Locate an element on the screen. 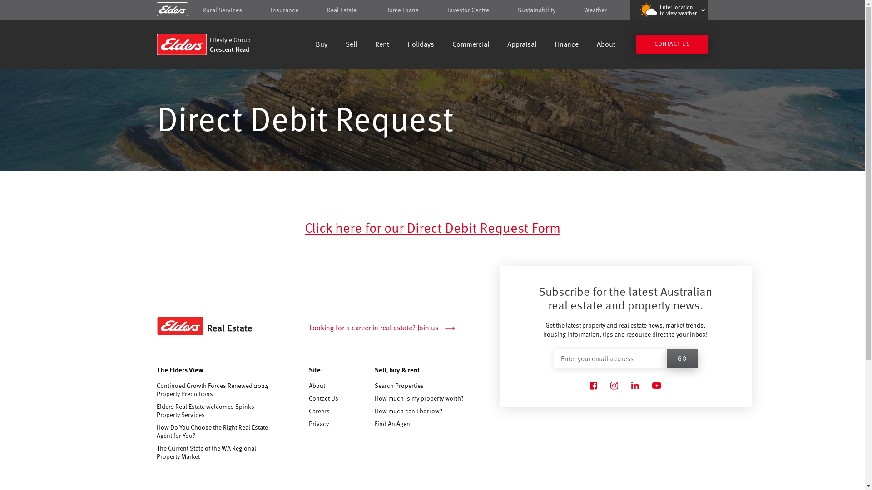 The image size is (872, 490). 'Finance' is located at coordinates (554, 45).